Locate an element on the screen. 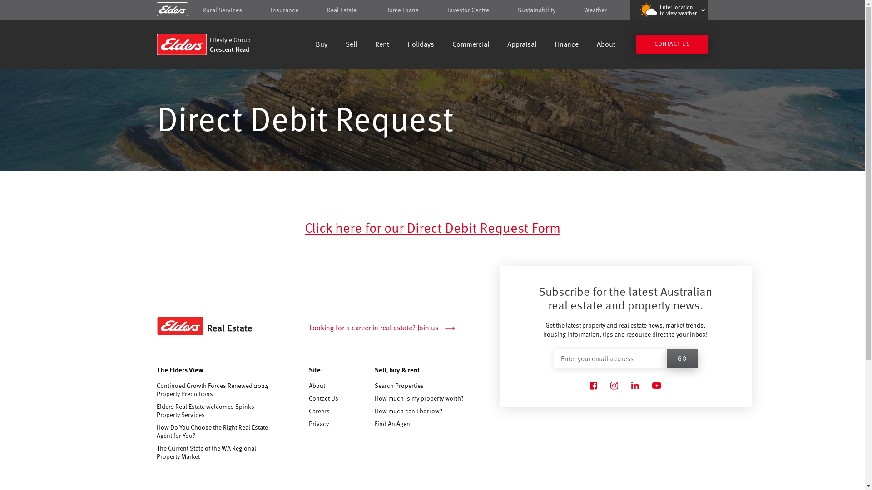 The image size is (872, 490). 'Finance' is located at coordinates (554, 45).